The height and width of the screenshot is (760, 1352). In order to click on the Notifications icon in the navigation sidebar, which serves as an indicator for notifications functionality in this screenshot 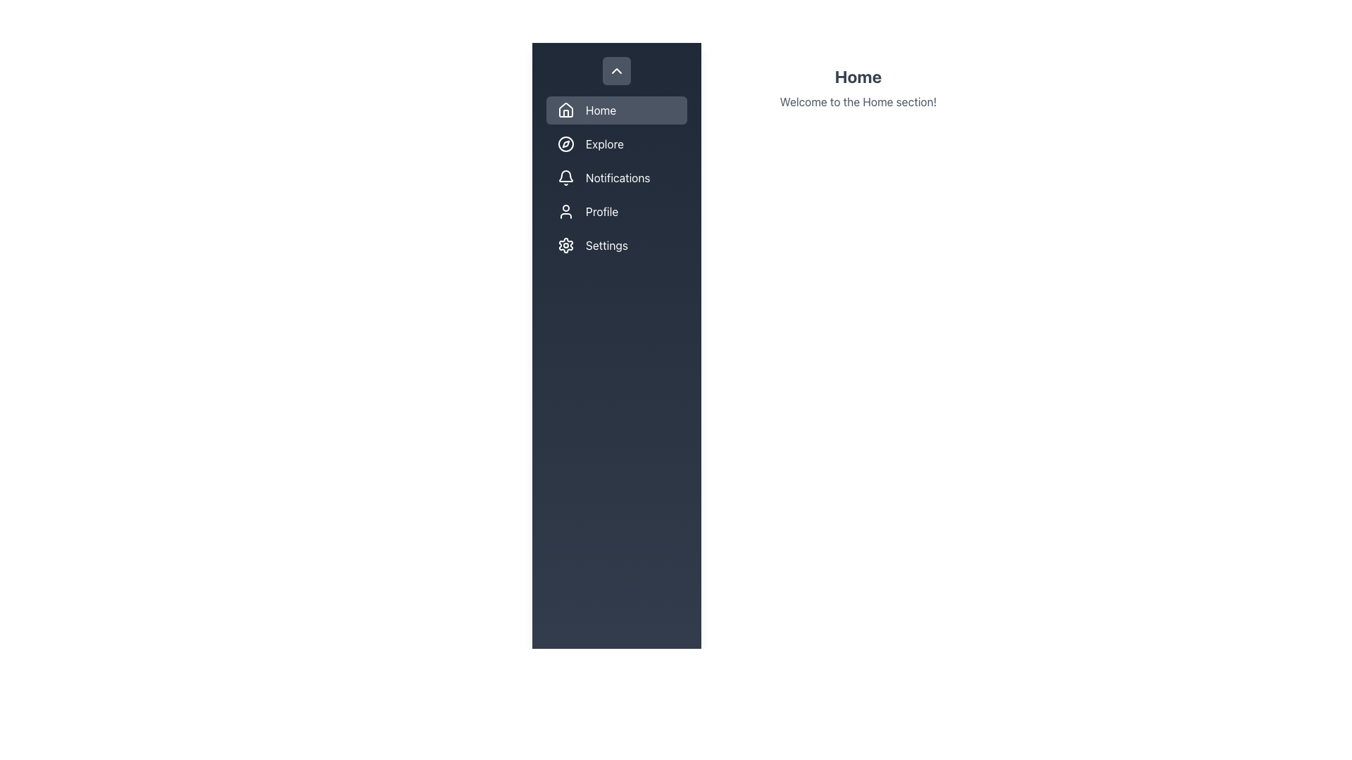, I will do `click(566, 175)`.